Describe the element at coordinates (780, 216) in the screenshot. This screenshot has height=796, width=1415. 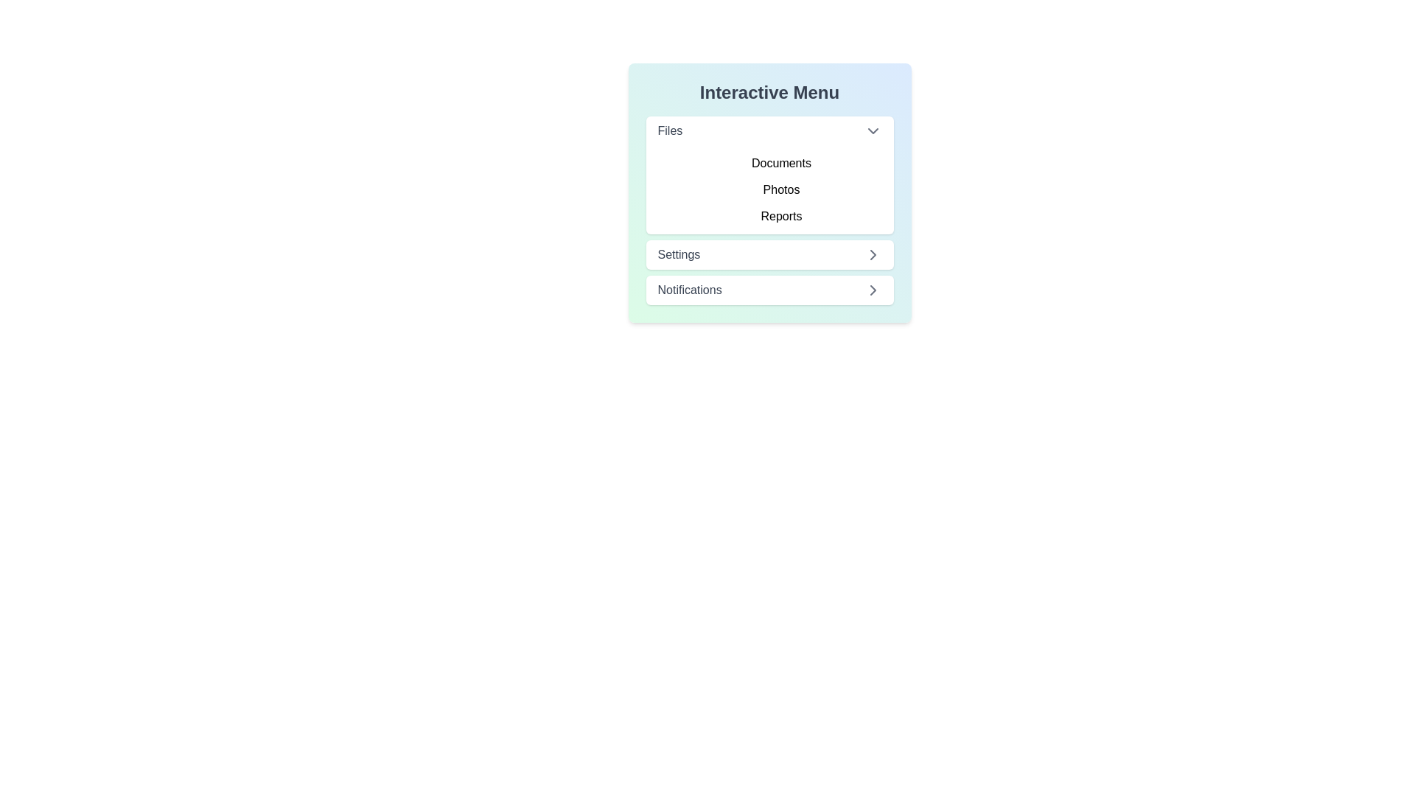
I see `the third label in the 'Files' dropdown menu that leads to 'Reports'` at that location.